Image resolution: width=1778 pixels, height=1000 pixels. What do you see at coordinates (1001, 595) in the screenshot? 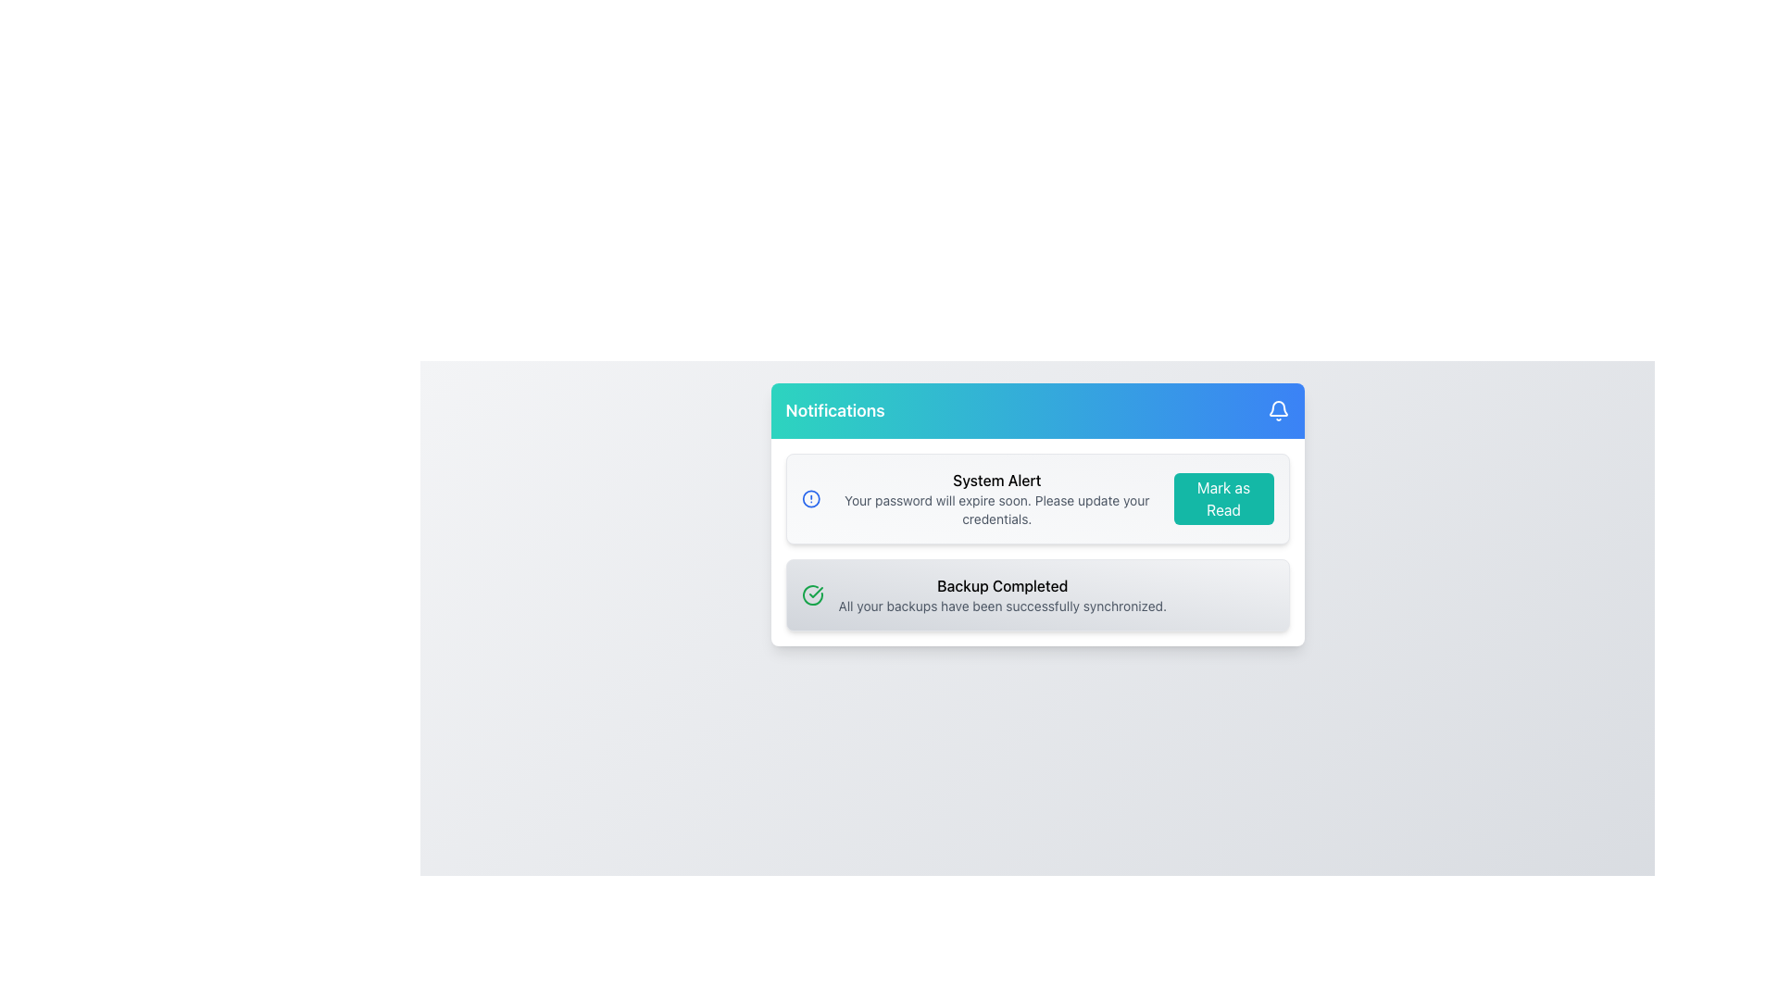
I see `the textual notification titled 'Backup Completed' which indicates that all backups have been successfully synchronized` at bounding box center [1001, 595].